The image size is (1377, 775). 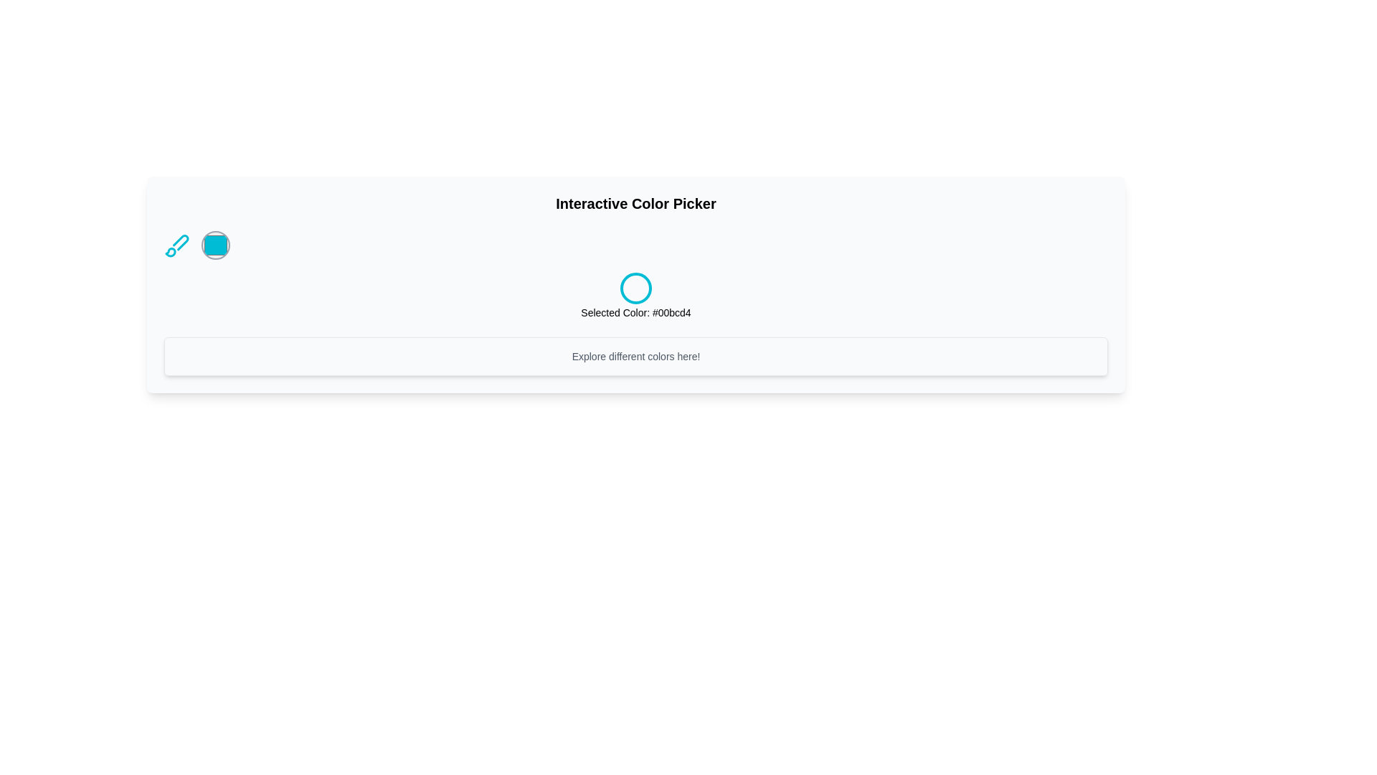 What do you see at coordinates (635, 288) in the screenshot?
I see `the SVG Circle representing the selected color in the color picker interface` at bounding box center [635, 288].